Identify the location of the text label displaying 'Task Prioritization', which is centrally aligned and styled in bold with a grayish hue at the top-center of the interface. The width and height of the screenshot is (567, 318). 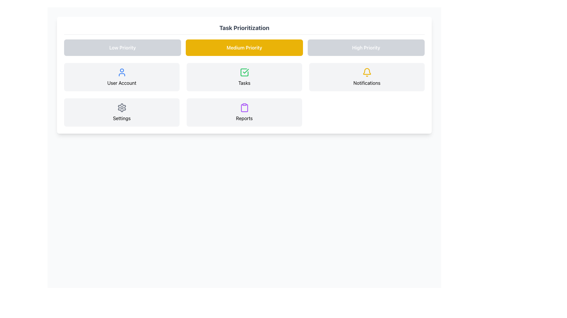
(244, 28).